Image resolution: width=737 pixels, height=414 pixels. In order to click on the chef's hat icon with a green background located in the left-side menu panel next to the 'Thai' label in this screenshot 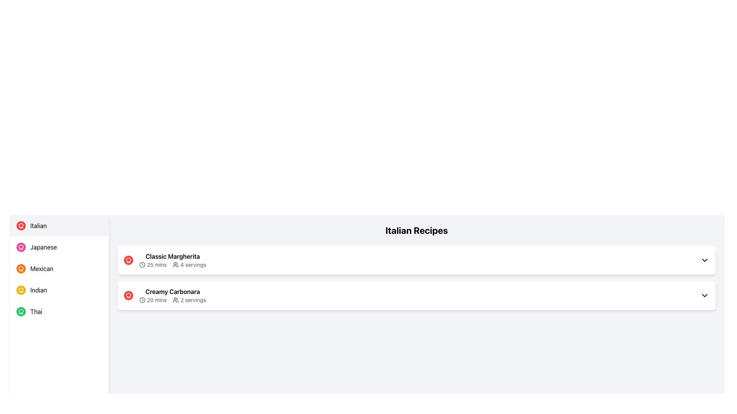, I will do `click(21, 312)`.